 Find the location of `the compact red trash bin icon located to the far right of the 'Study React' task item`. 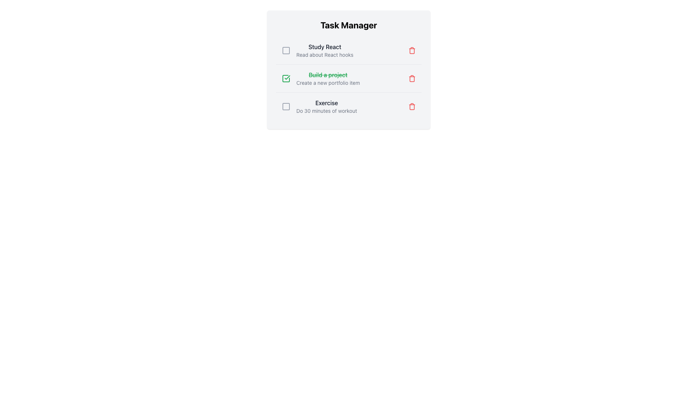

the compact red trash bin icon located to the far right of the 'Study React' task item is located at coordinates (412, 50).